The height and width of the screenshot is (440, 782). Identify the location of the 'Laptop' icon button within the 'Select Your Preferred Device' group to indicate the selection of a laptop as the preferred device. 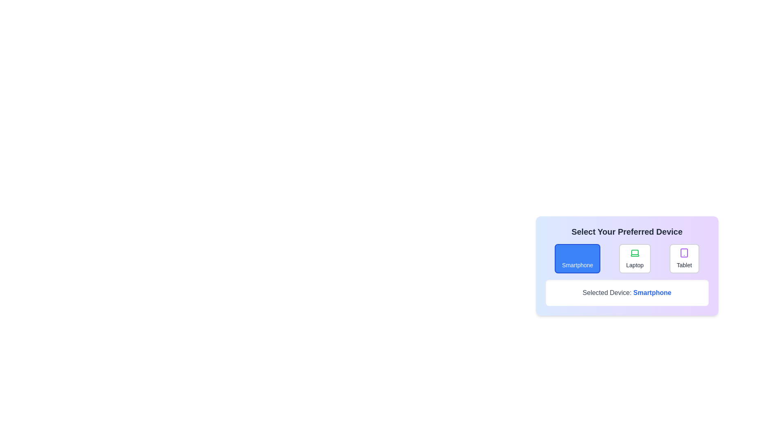
(634, 253).